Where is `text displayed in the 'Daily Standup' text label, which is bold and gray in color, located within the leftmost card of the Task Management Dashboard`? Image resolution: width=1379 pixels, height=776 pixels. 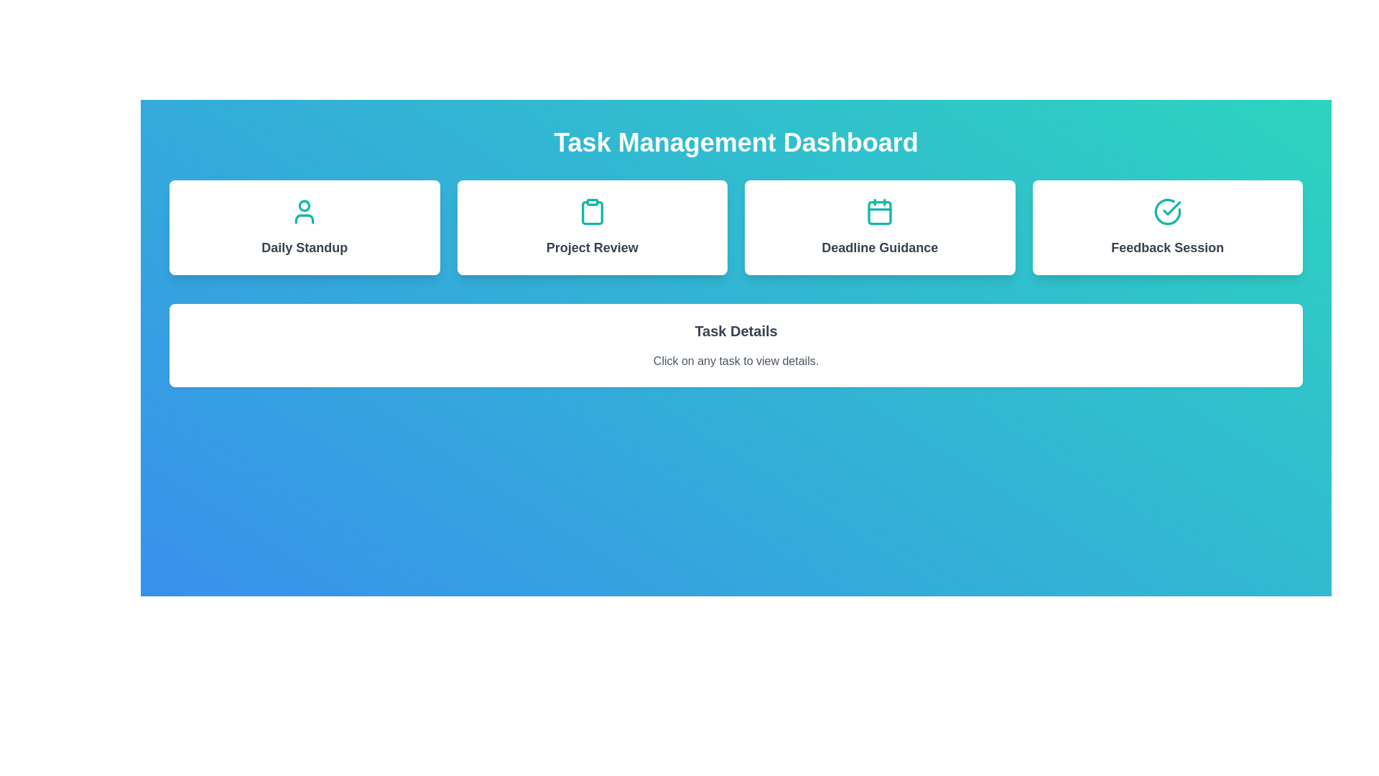 text displayed in the 'Daily Standup' text label, which is bold and gray in color, located within the leftmost card of the Task Management Dashboard is located at coordinates (304, 246).